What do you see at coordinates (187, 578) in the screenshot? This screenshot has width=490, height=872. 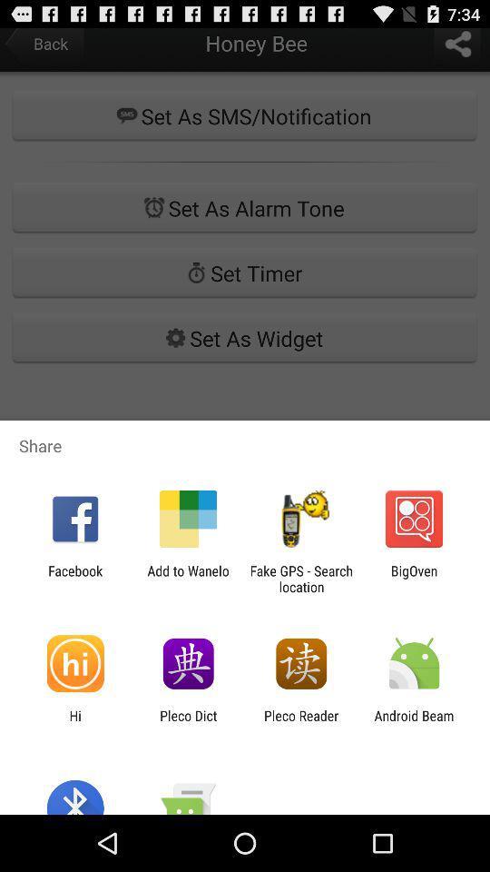 I see `add to wanelo icon` at bounding box center [187, 578].